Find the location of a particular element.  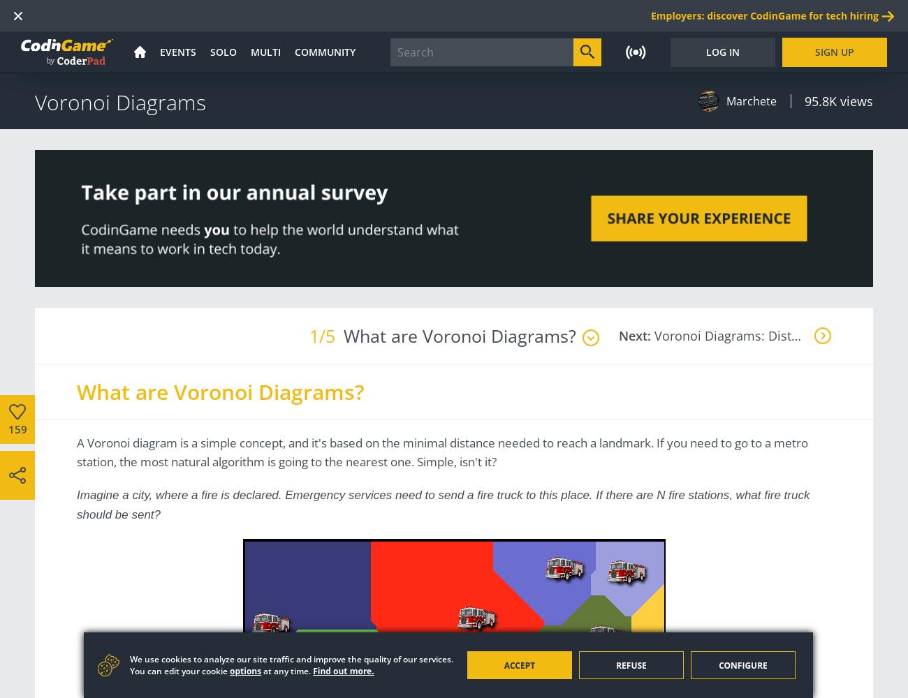

'Employers: discover CodinGame for tech hiring' is located at coordinates (763, 15).